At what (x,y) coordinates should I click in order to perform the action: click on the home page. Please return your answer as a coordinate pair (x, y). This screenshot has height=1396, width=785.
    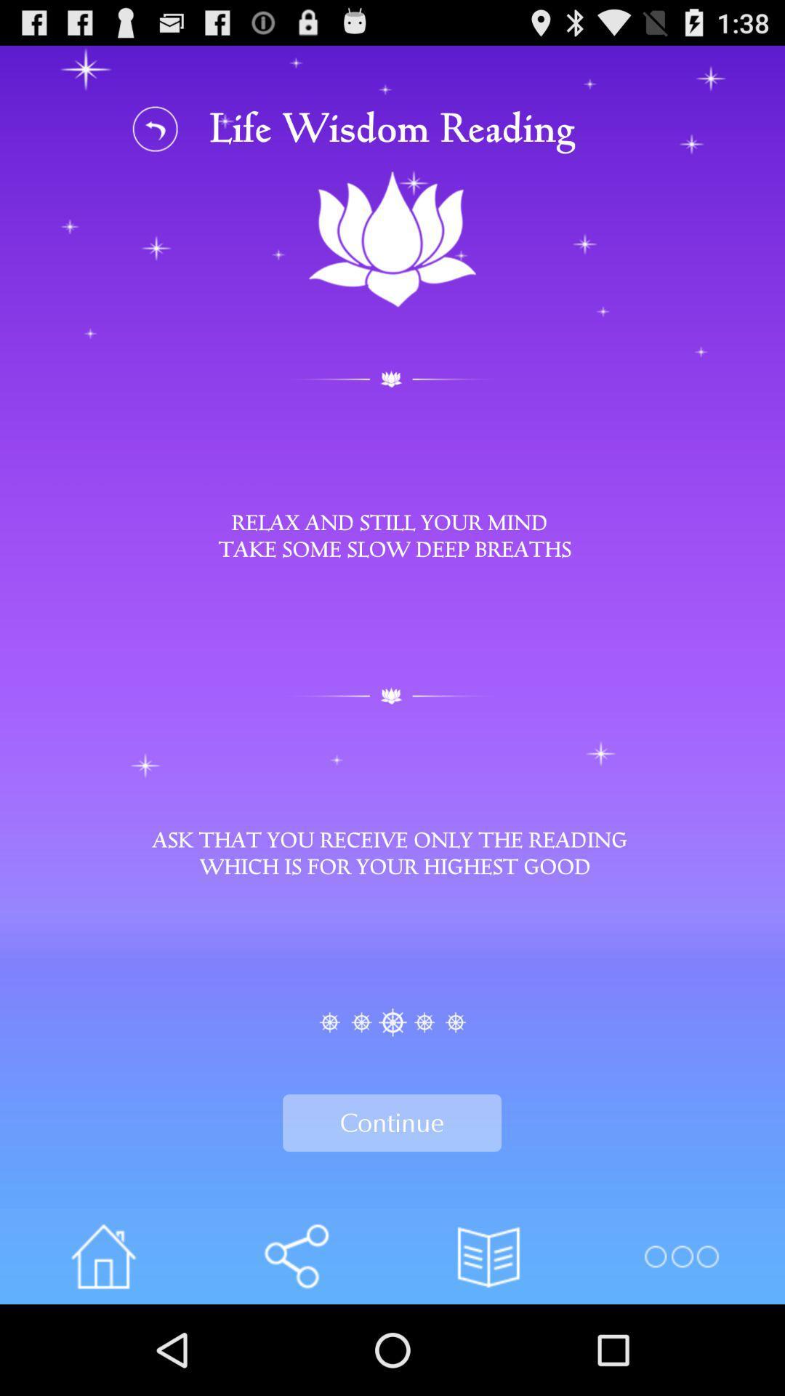
    Looking at the image, I should click on (102, 1256).